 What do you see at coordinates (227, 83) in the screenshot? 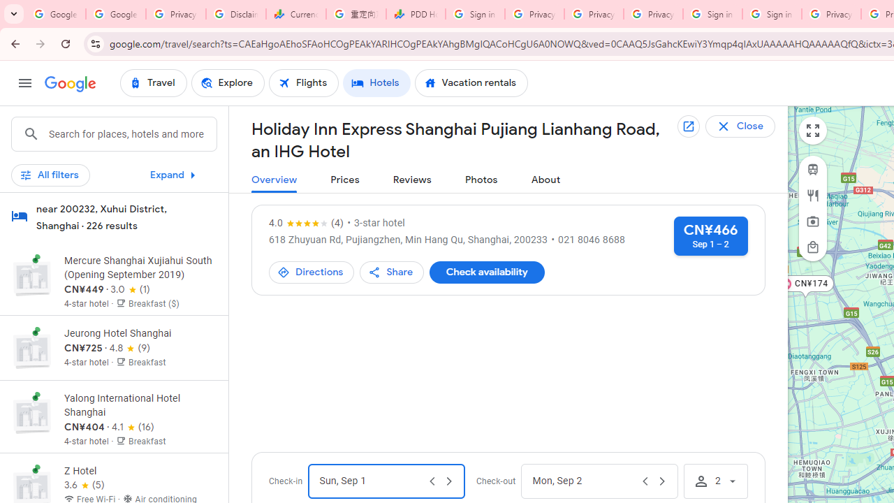
I see `'Explore'` at bounding box center [227, 83].